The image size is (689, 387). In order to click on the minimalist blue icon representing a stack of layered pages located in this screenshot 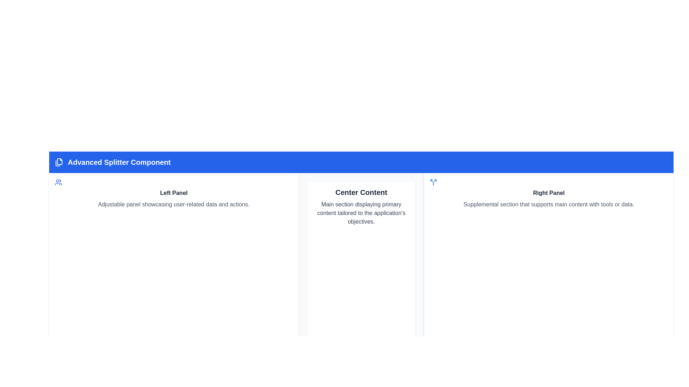, I will do `click(59, 162)`.